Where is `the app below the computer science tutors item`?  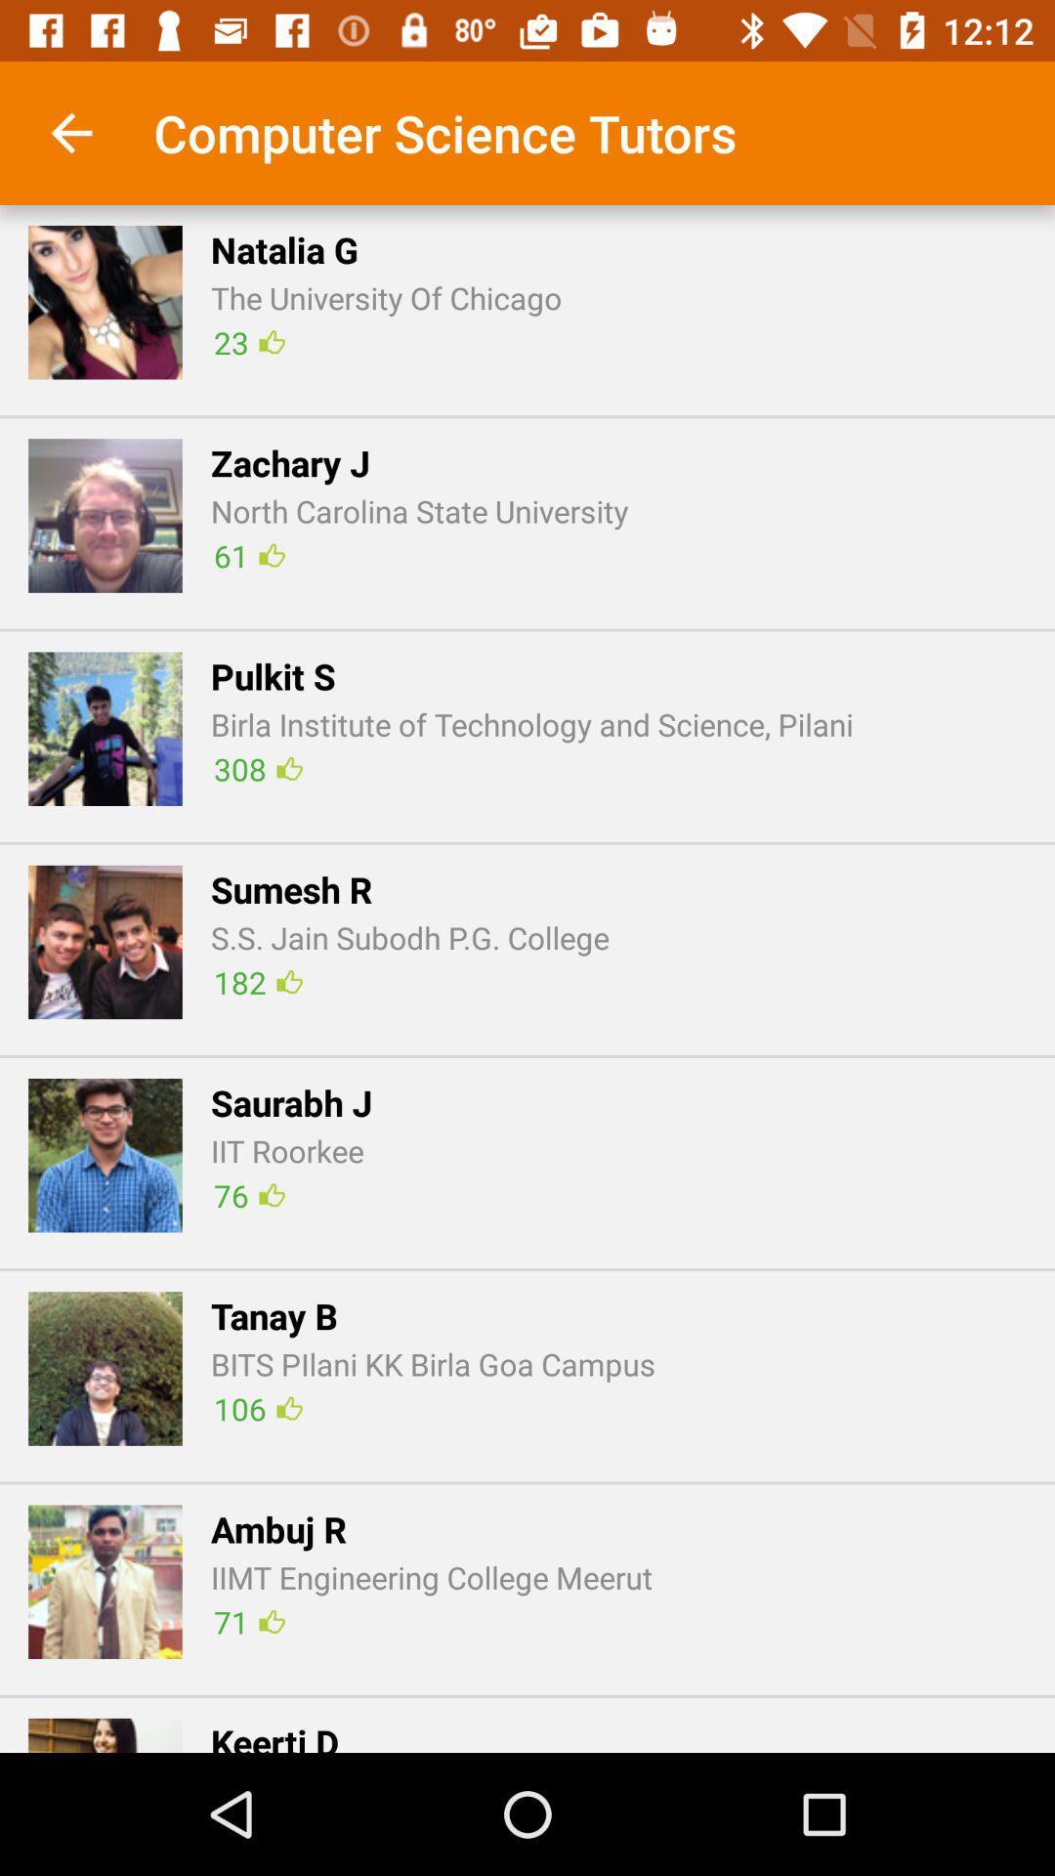 the app below the computer science tutors item is located at coordinates (284, 248).